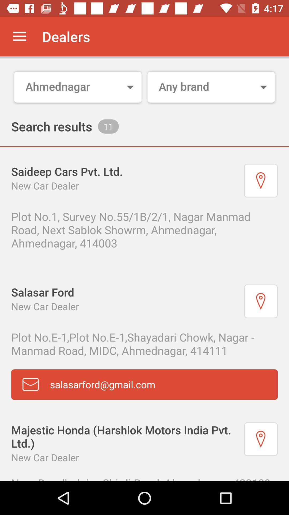  Describe the element at coordinates (261, 181) in the screenshot. I see `map` at that location.